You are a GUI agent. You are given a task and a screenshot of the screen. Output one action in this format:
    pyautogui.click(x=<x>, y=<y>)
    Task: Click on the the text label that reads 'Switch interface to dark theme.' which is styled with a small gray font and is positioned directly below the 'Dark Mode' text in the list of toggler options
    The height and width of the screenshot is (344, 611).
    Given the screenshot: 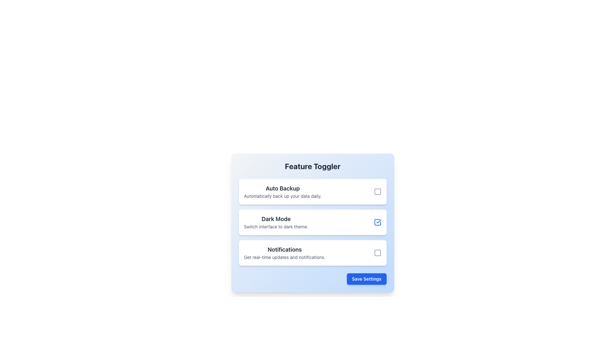 What is the action you would take?
    pyautogui.click(x=276, y=226)
    